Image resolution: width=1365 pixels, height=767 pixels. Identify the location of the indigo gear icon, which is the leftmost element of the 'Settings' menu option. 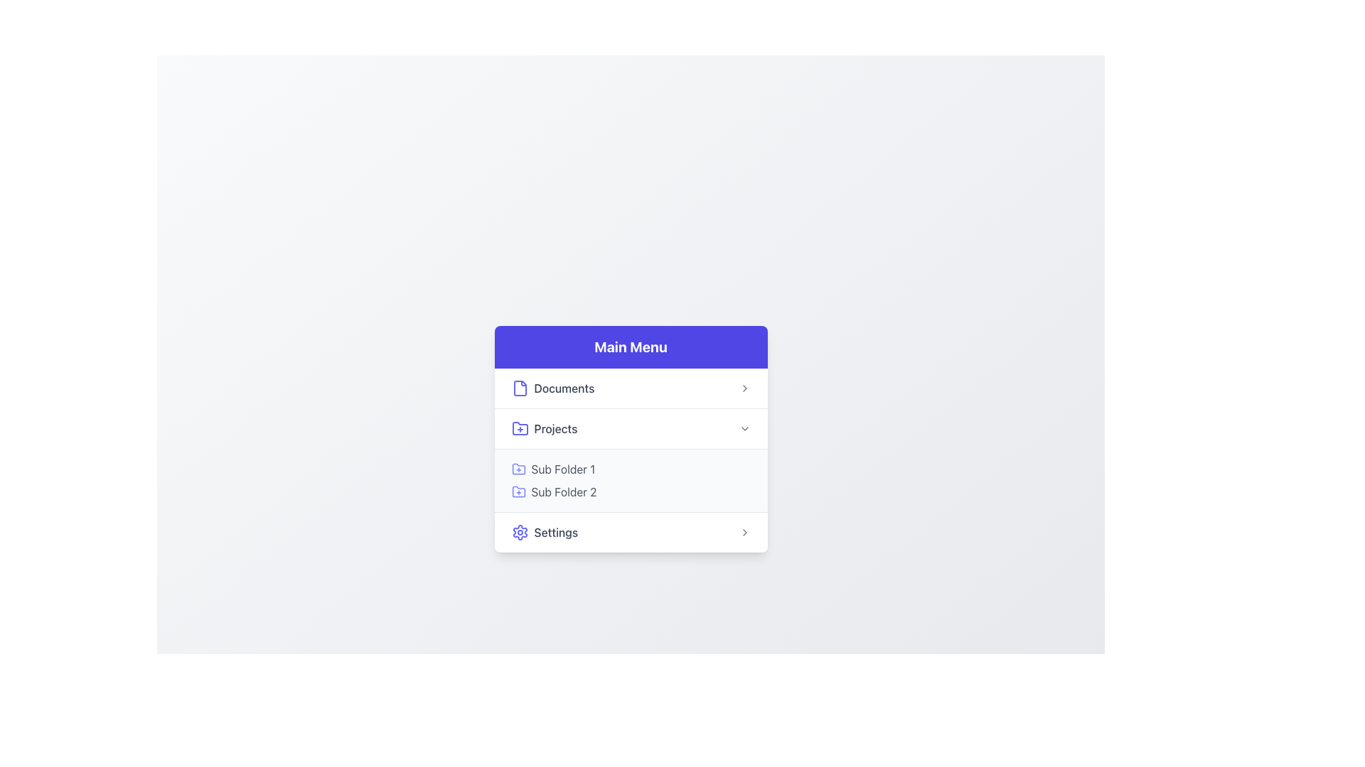
(519, 532).